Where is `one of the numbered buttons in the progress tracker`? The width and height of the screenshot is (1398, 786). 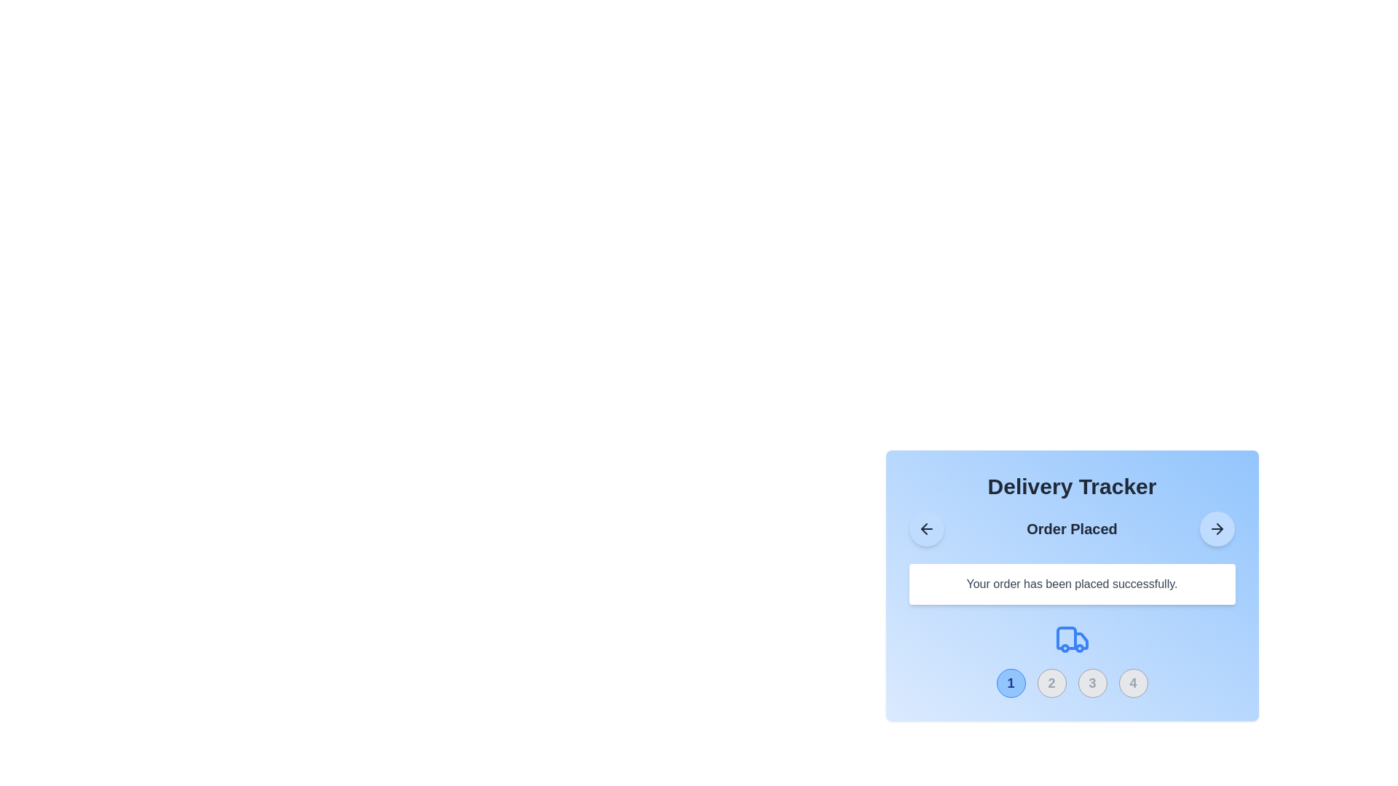
one of the numbered buttons in the progress tracker is located at coordinates (1072, 659).